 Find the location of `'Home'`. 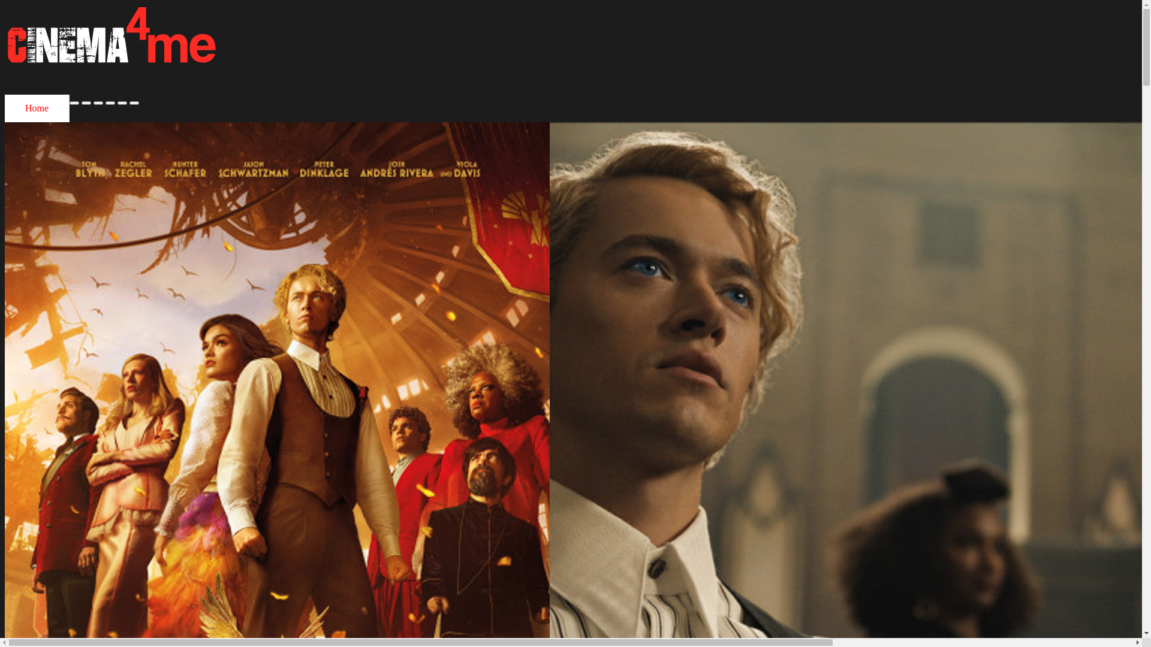

'Home' is located at coordinates (37, 108).